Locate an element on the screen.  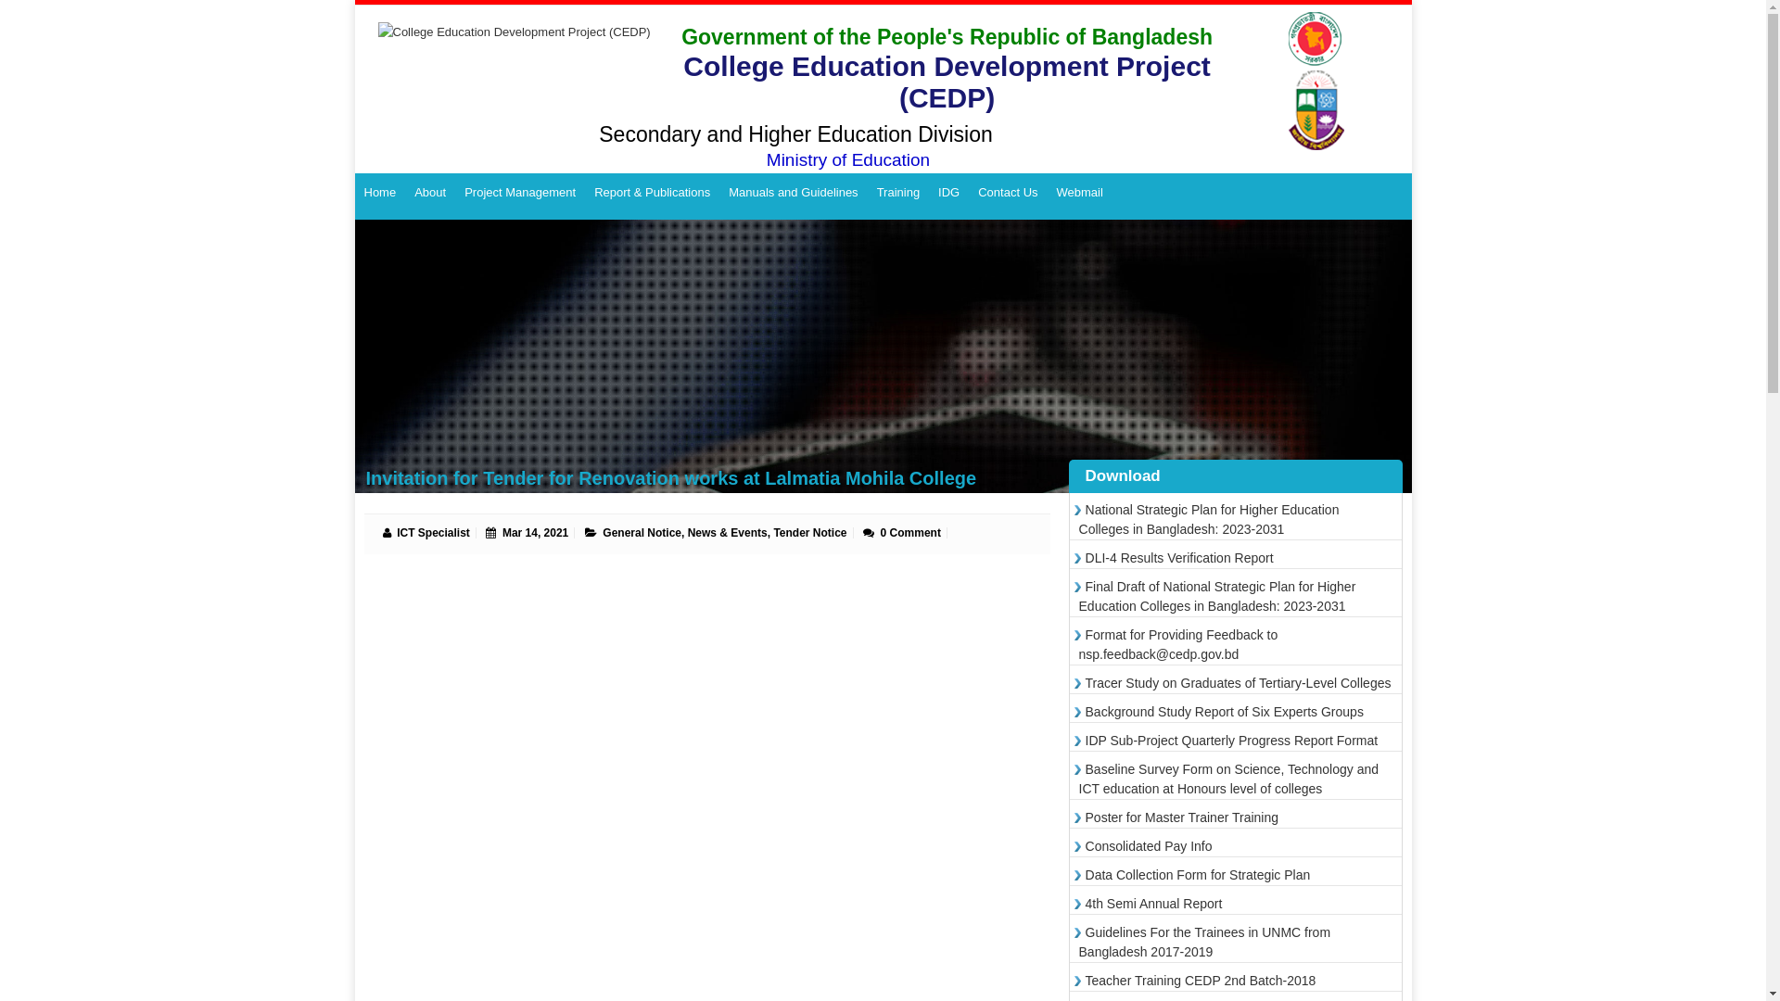
'Contact Us' is located at coordinates (1006, 193).